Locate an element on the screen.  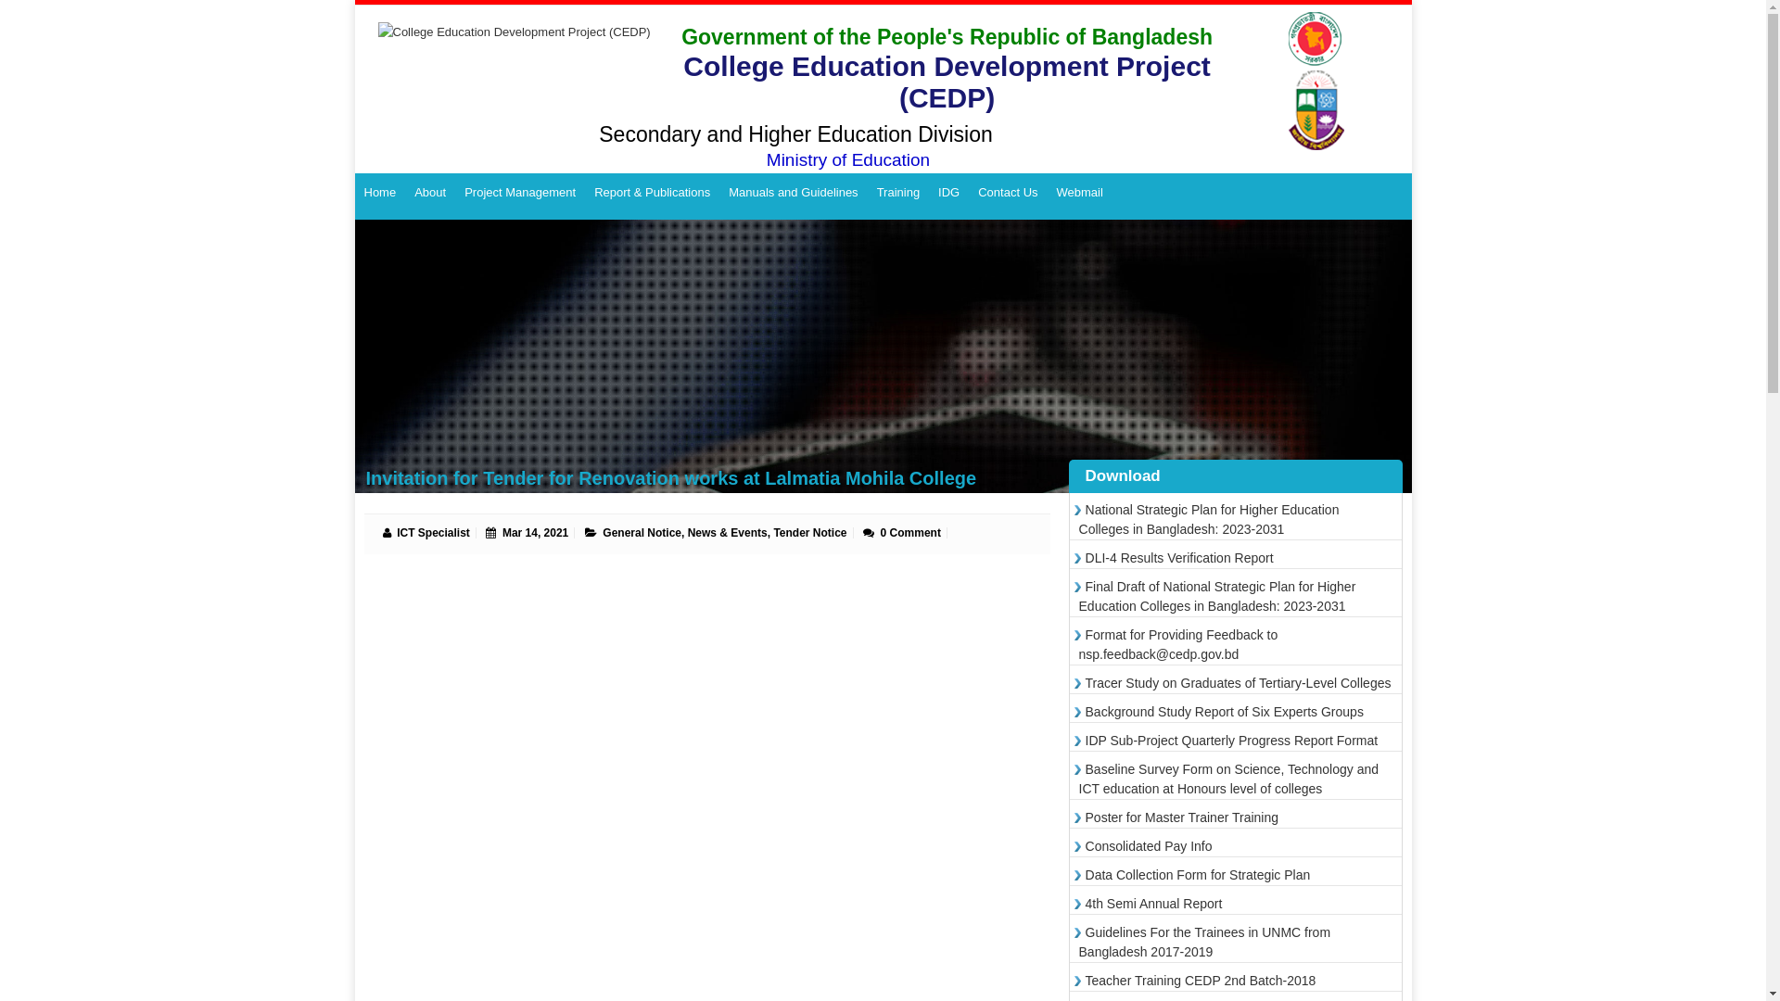
'Contact Us' is located at coordinates (1006, 193).